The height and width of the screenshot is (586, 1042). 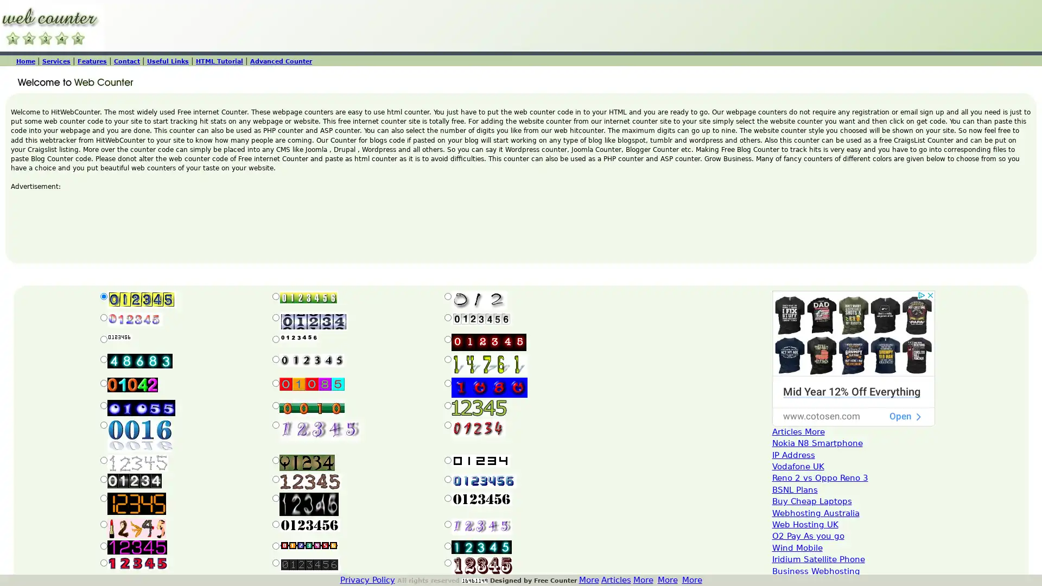 I want to click on Submit, so click(x=480, y=318).